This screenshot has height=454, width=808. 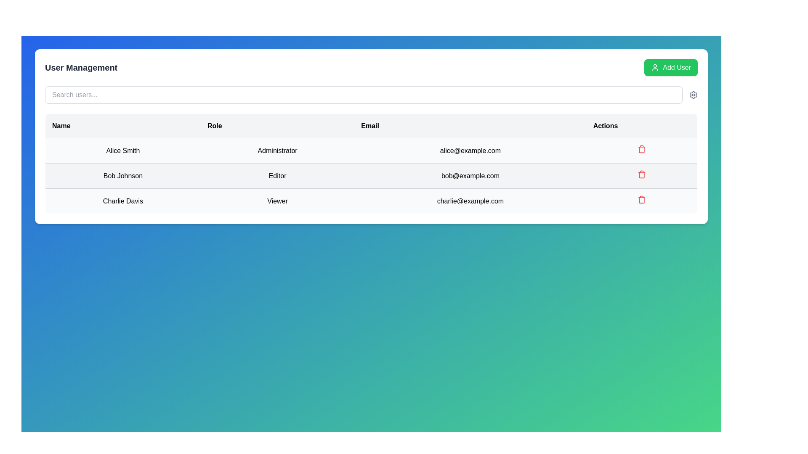 What do you see at coordinates (641, 149) in the screenshot?
I see `the trash icon representing the delete action for 'Bob Johnson' in the user management table` at bounding box center [641, 149].